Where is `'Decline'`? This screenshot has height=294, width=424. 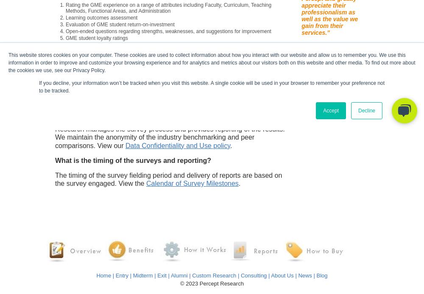
'Decline' is located at coordinates (366, 110).